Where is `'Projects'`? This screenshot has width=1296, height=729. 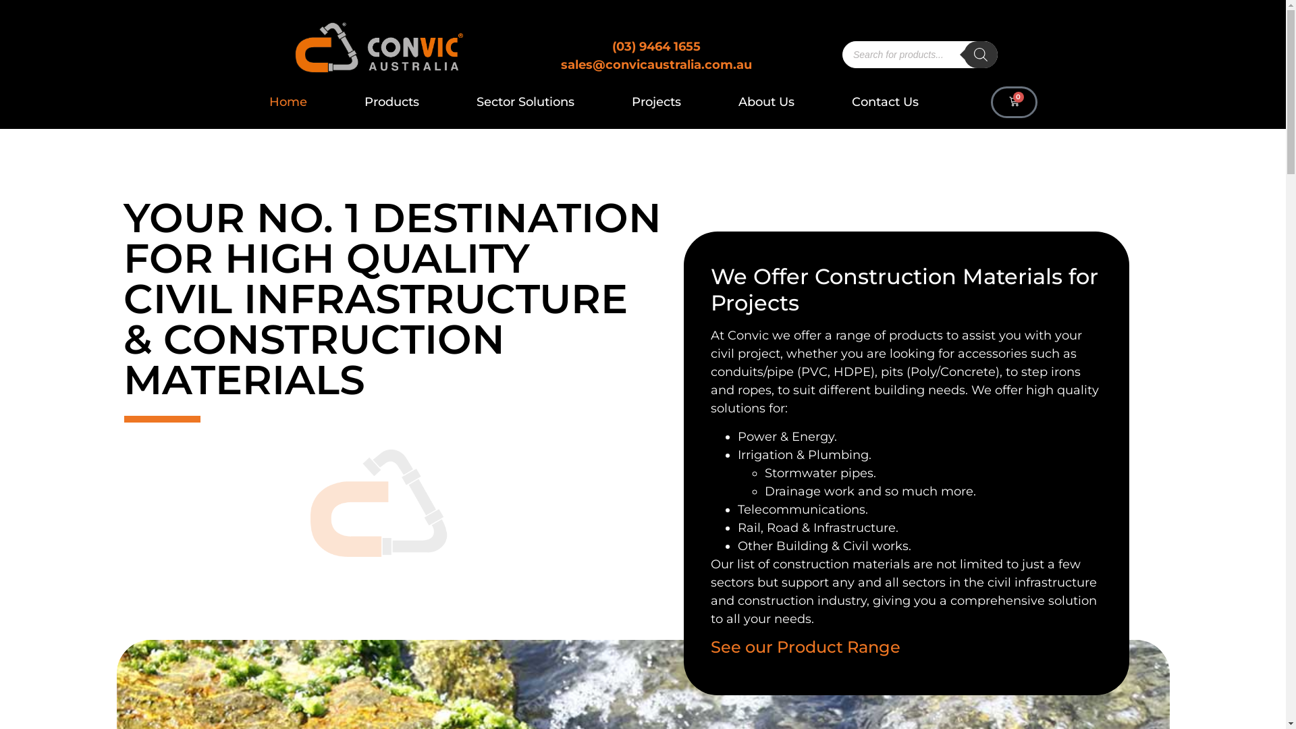 'Projects' is located at coordinates (617, 101).